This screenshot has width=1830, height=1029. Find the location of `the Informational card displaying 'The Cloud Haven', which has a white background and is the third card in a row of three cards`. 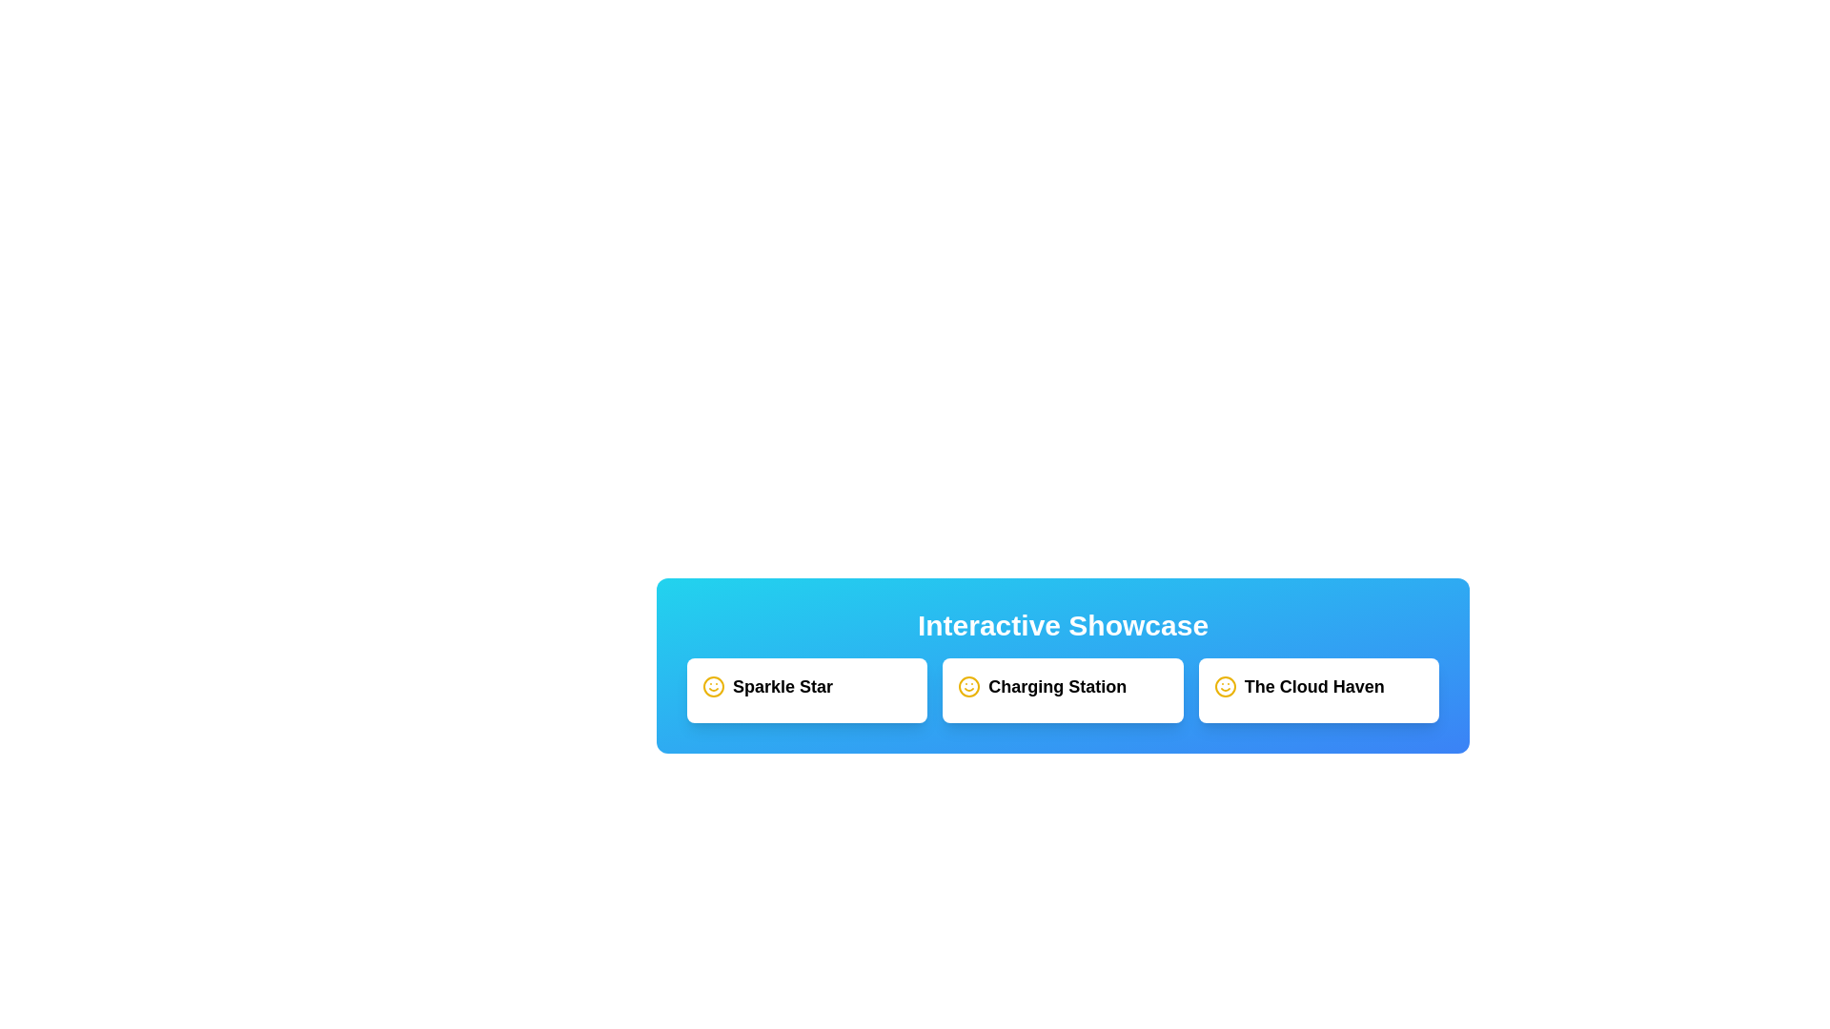

the Informational card displaying 'The Cloud Haven', which has a white background and is the third card in a row of three cards is located at coordinates (1317, 691).